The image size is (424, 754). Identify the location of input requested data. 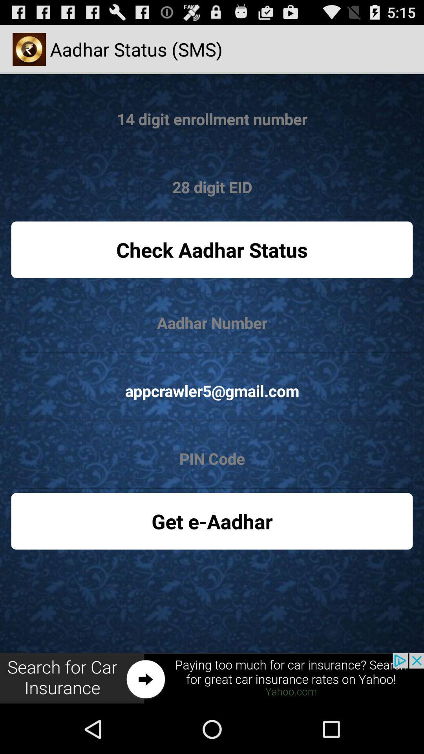
(212, 119).